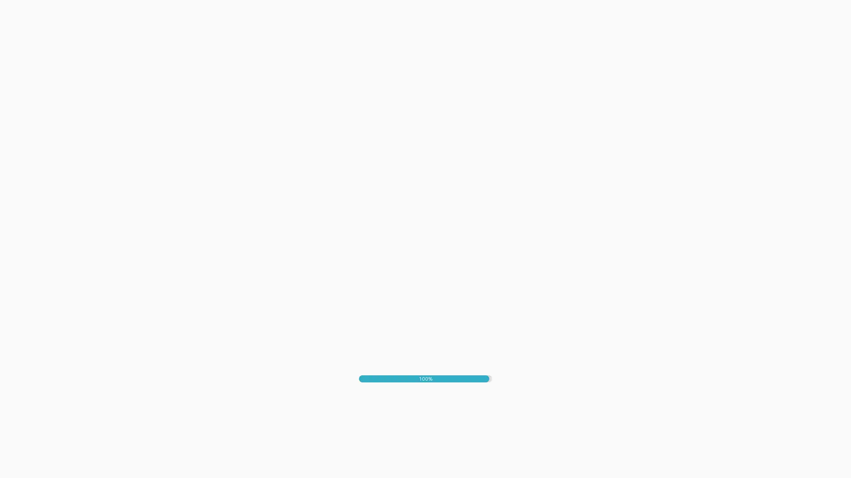 Image resolution: width=851 pixels, height=478 pixels. Describe the element at coordinates (826, 15) in the screenshot. I see `Mute` at that location.